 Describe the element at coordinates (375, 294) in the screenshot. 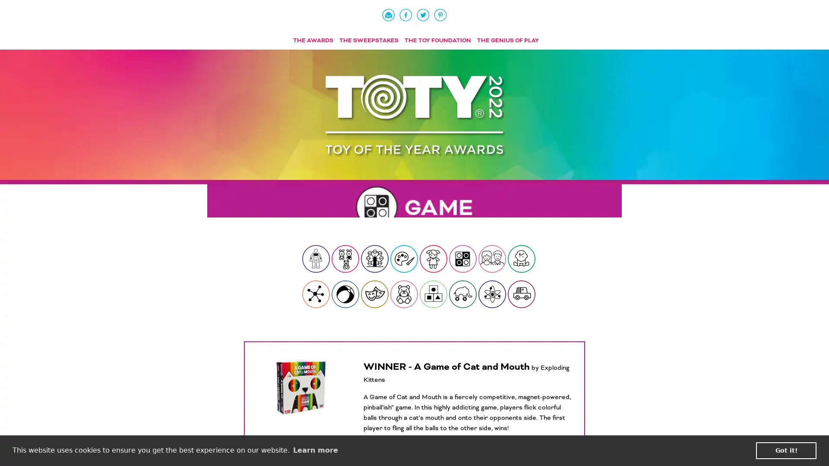

I see `Submit` at that location.